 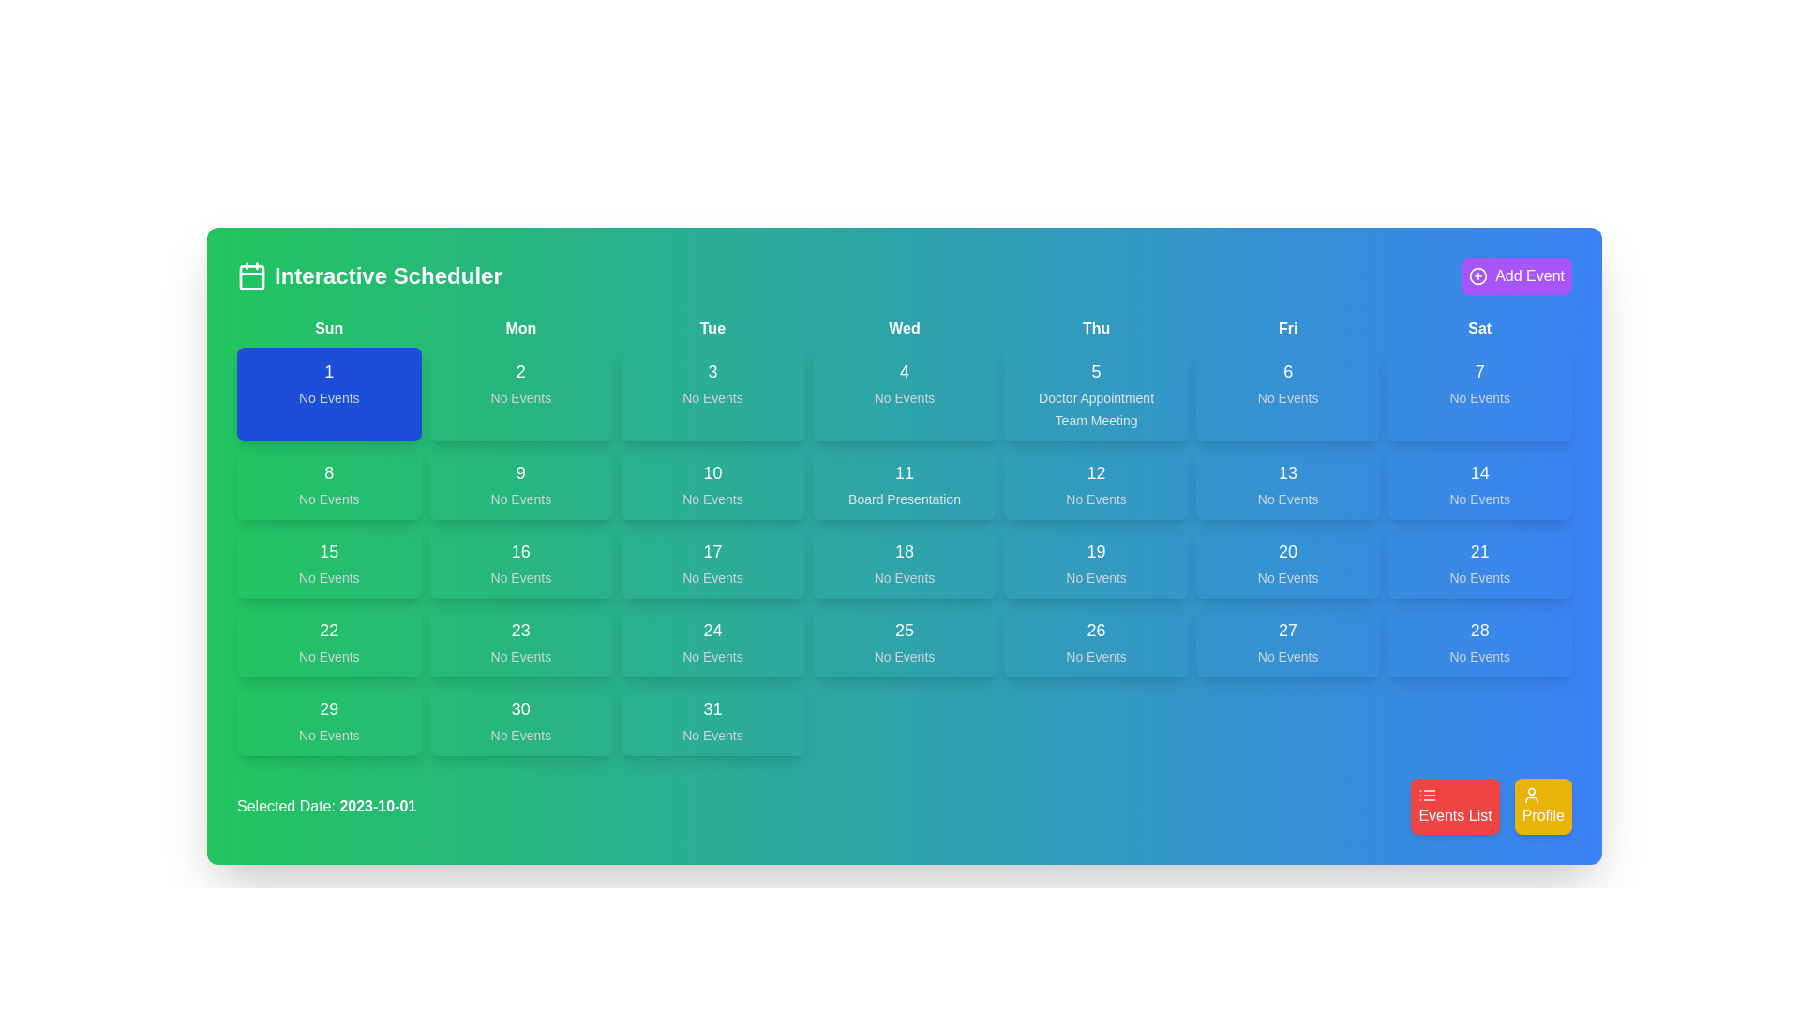 I want to click on the text label indicating the numeric day of the month to initiate date selection or interaction, so click(x=520, y=708).